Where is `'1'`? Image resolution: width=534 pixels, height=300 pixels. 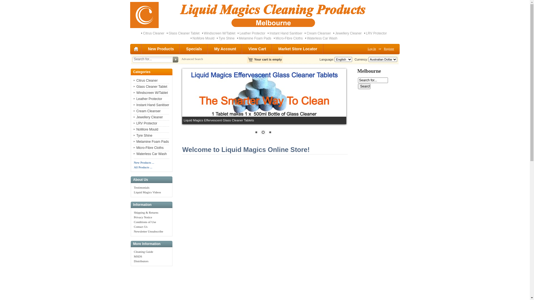
'1' is located at coordinates (256, 133).